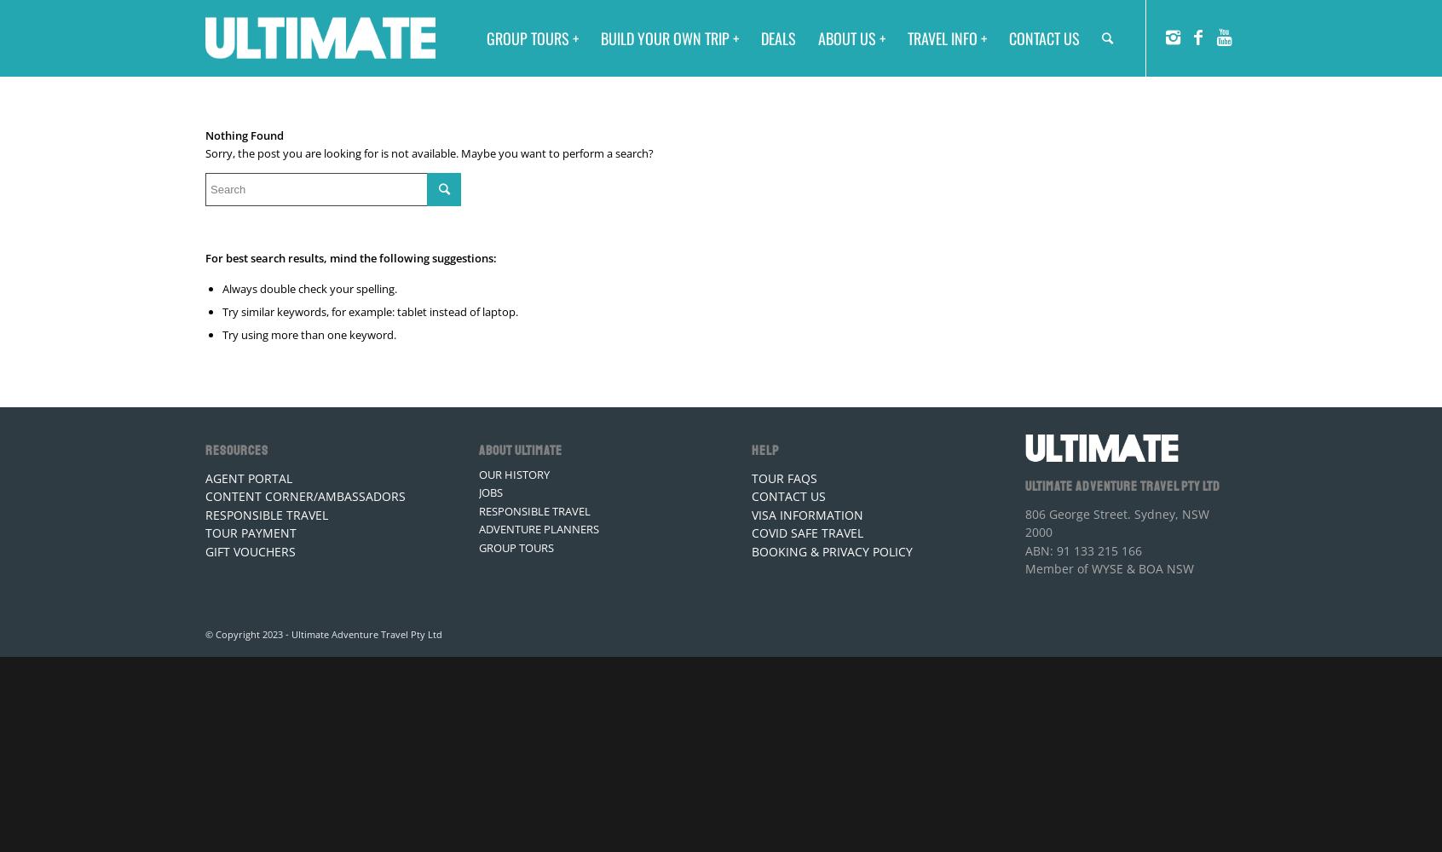 The width and height of the screenshot is (1442, 852). What do you see at coordinates (309, 287) in the screenshot?
I see `'Always double check your spelling.'` at bounding box center [309, 287].